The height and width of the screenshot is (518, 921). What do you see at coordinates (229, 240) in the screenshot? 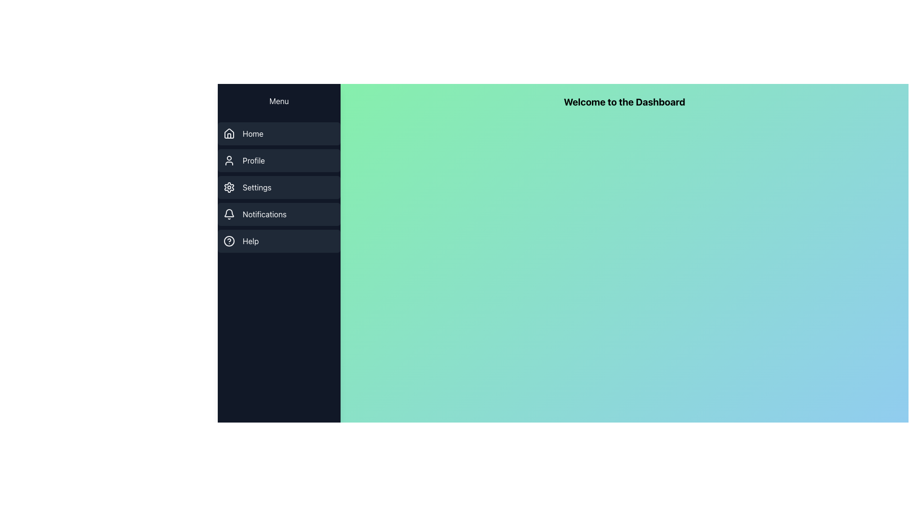
I see `the help icon located` at bounding box center [229, 240].